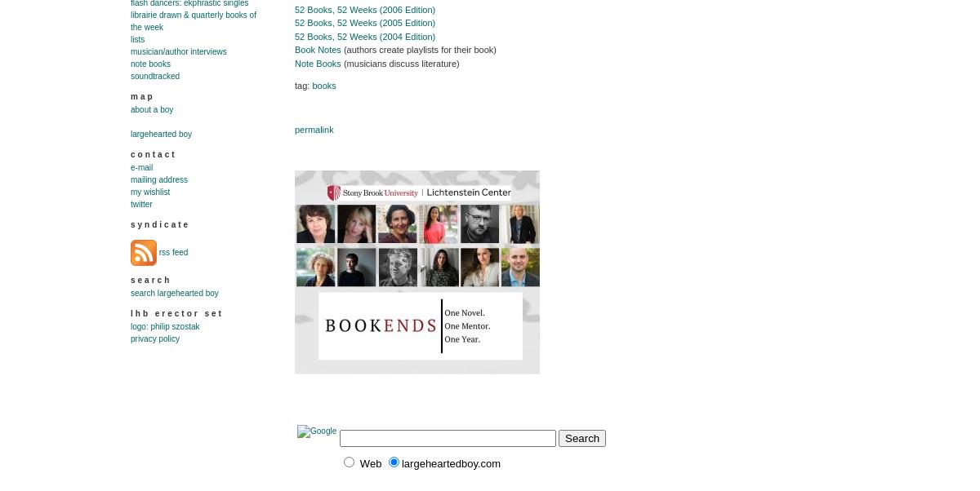 The height and width of the screenshot is (491, 980). What do you see at coordinates (340, 49) in the screenshot?
I see `'(authors create playlists for their book)'` at bounding box center [340, 49].